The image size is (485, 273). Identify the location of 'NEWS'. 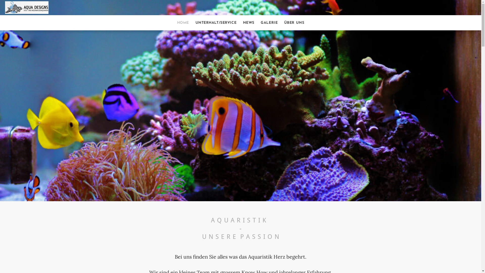
(249, 23).